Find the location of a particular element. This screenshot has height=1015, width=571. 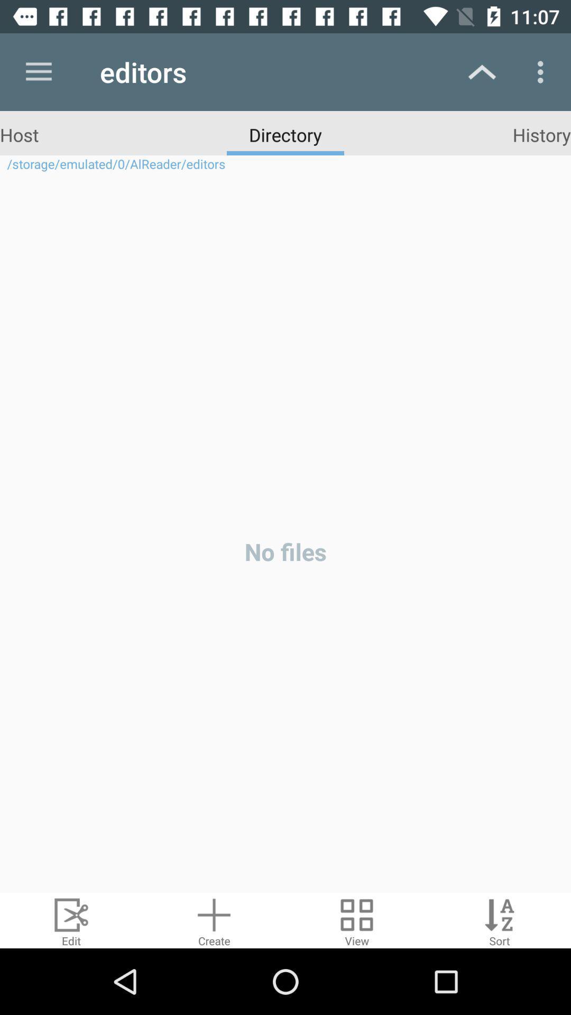

the host app is located at coordinates (19, 134).